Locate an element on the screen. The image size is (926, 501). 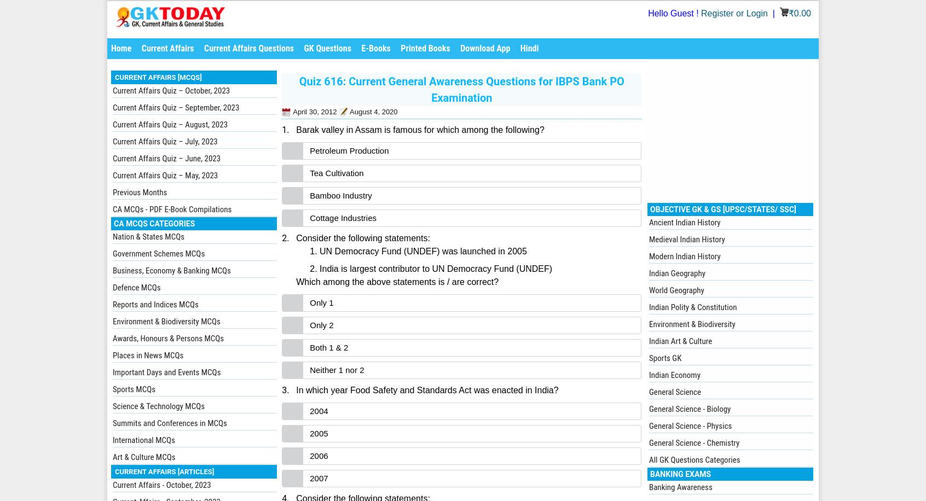
'Current Affairs [MCQs]' is located at coordinates (157, 77).